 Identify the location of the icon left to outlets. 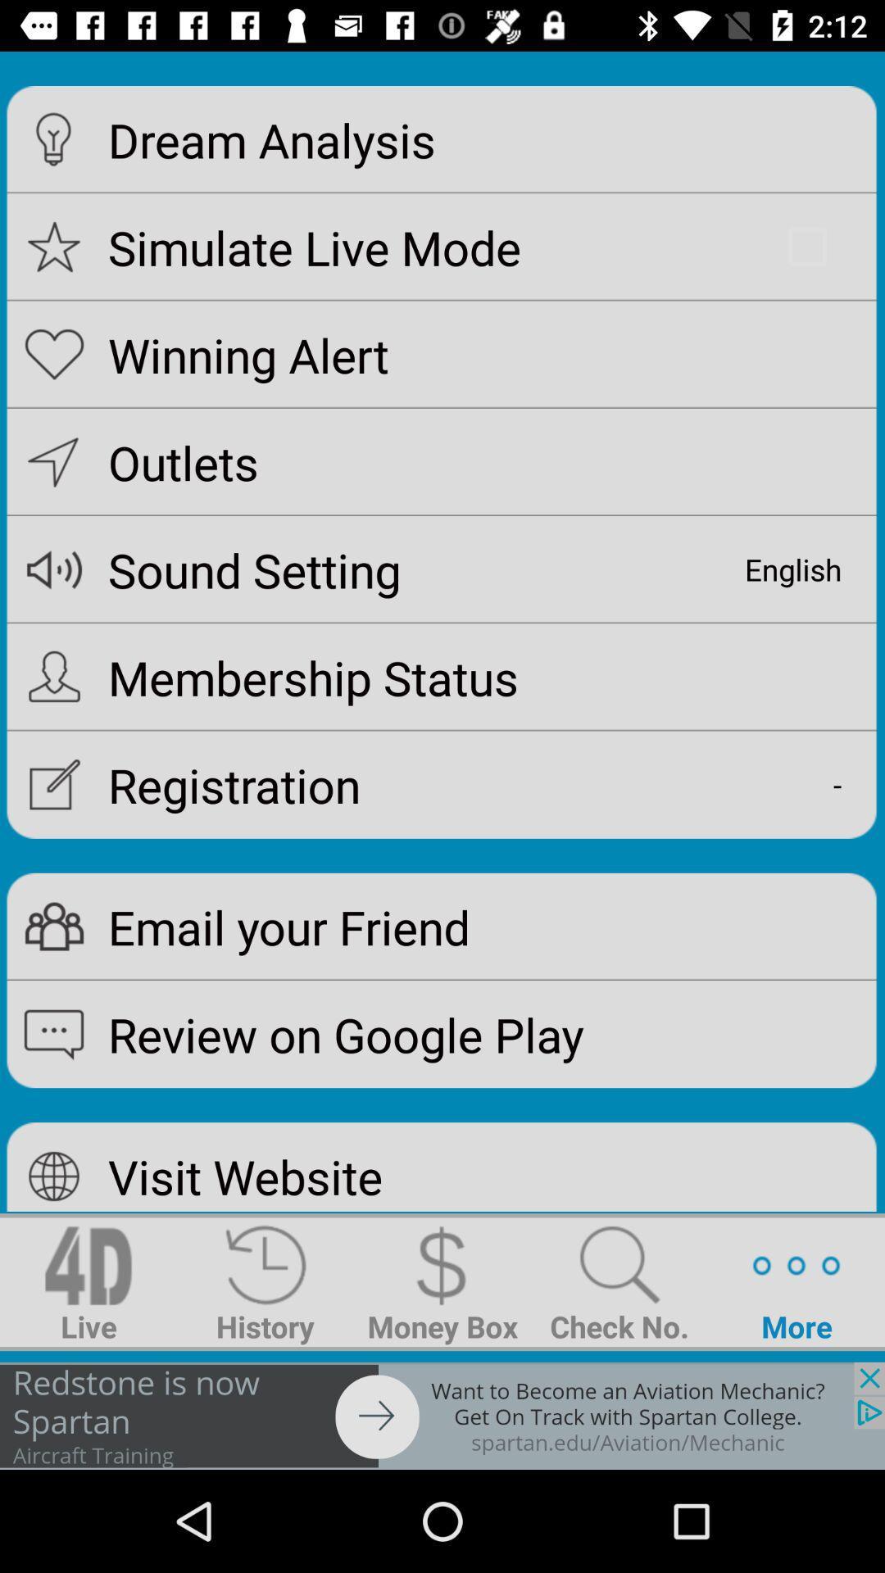
(53, 461).